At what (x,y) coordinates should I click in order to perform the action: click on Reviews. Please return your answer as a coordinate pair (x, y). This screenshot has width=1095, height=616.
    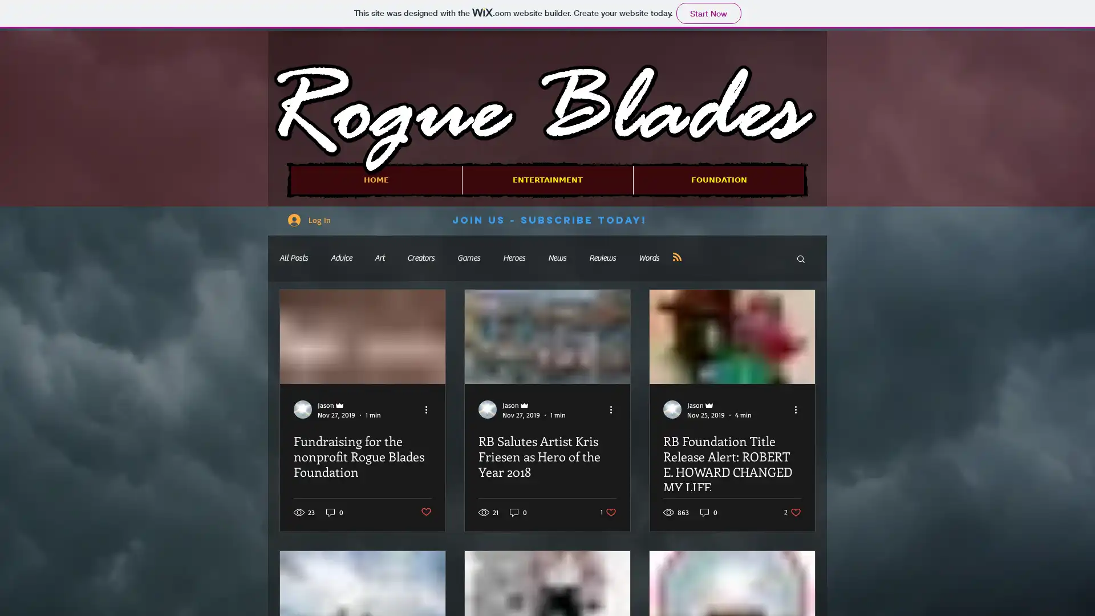
    Looking at the image, I should click on (602, 258).